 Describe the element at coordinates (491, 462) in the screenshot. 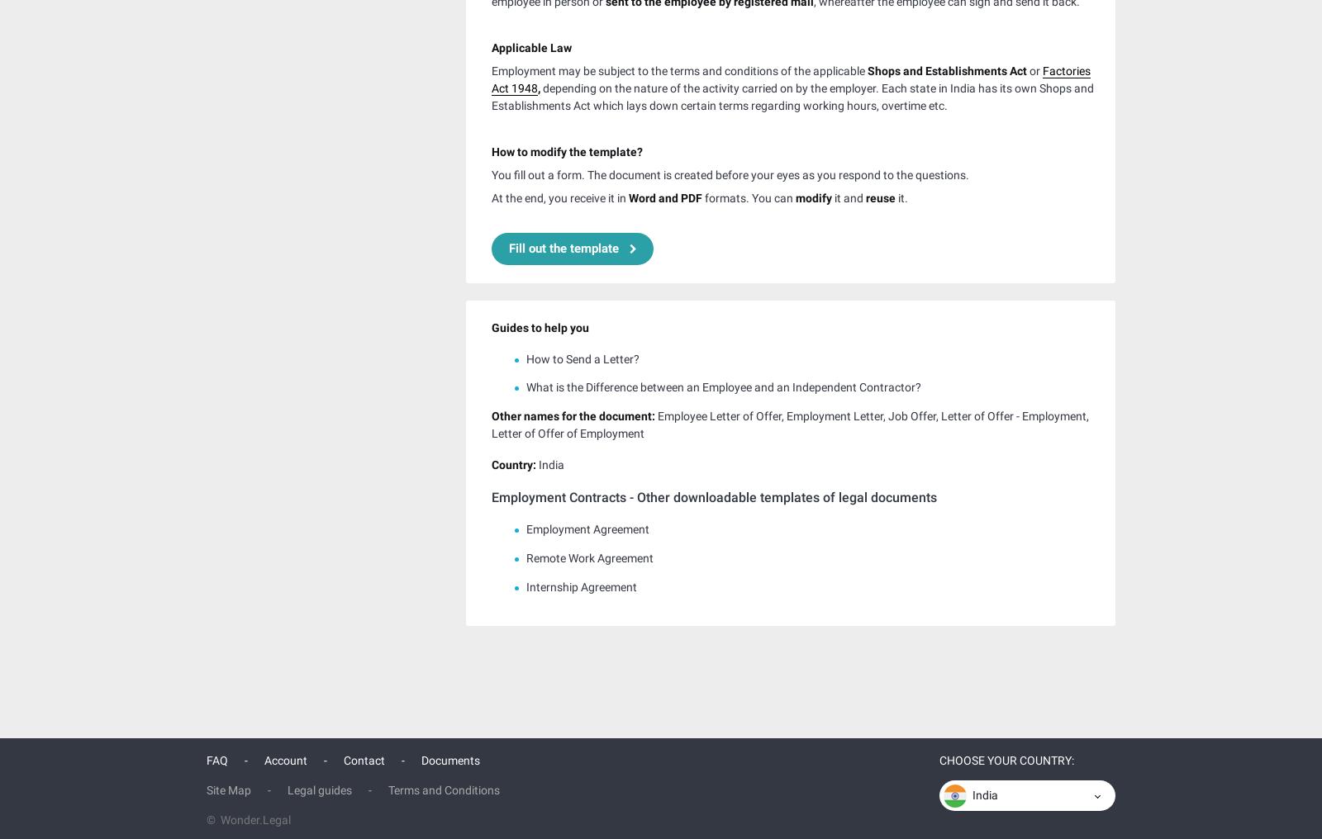

I see `'Country:'` at that location.